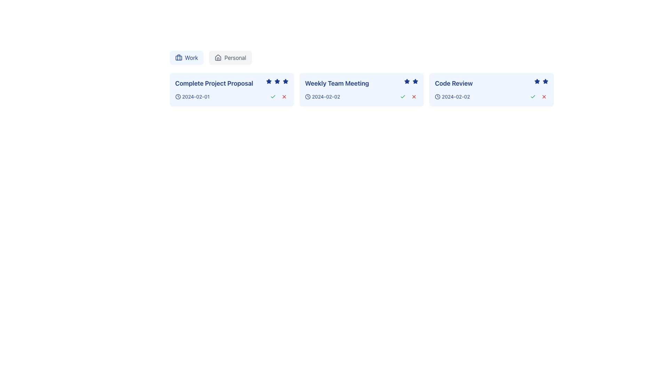 The height and width of the screenshot is (376, 668). Describe the element at coordinates (235, 57) in the screenshot. I see `text of the 'Personal' label, which is the second option in the navigation row, for identification purposes` at that location.